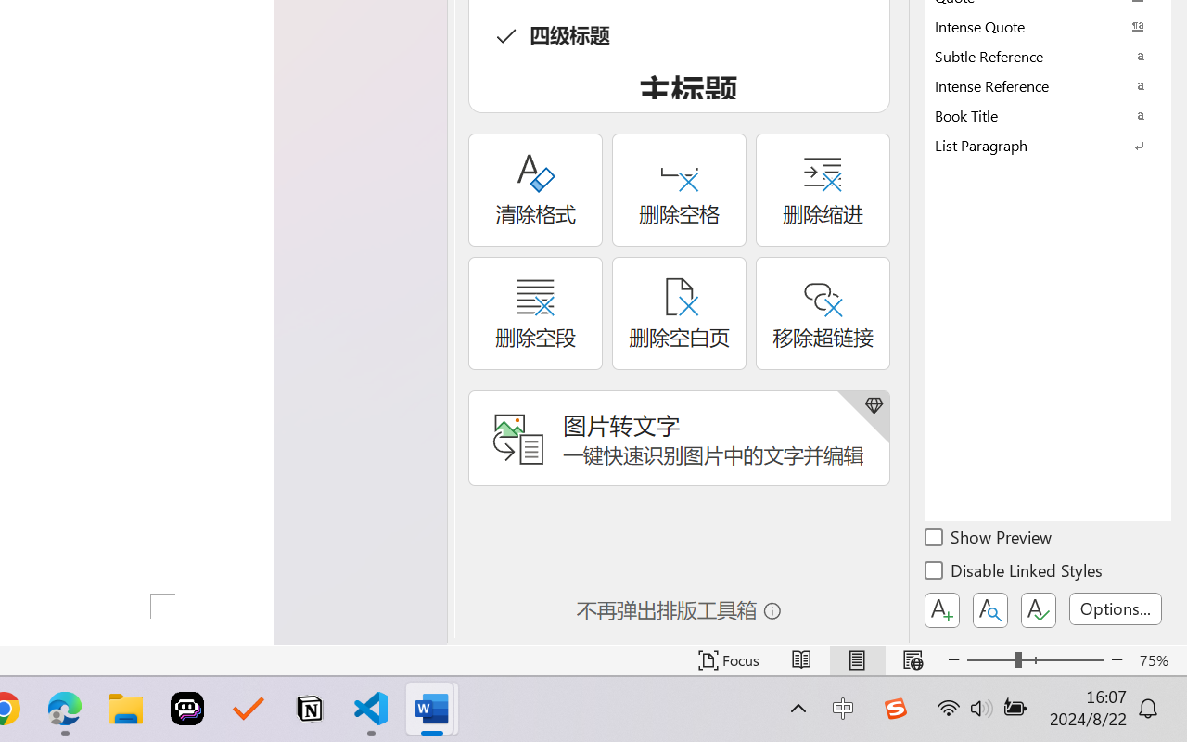  I want to click on 'Class: NetUIButton', so click(1039, 609).